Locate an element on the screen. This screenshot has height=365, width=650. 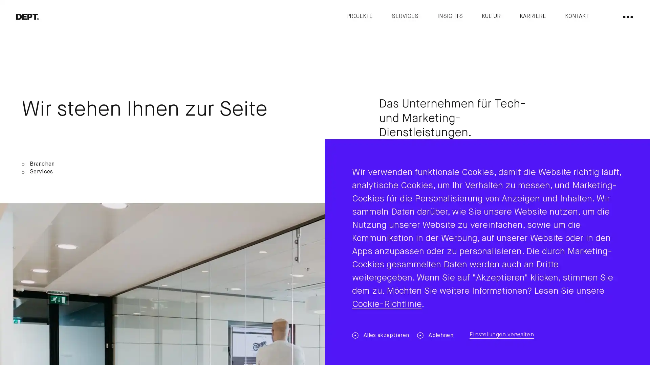
Alles akzeptieren is located at coordinates (380, 335).